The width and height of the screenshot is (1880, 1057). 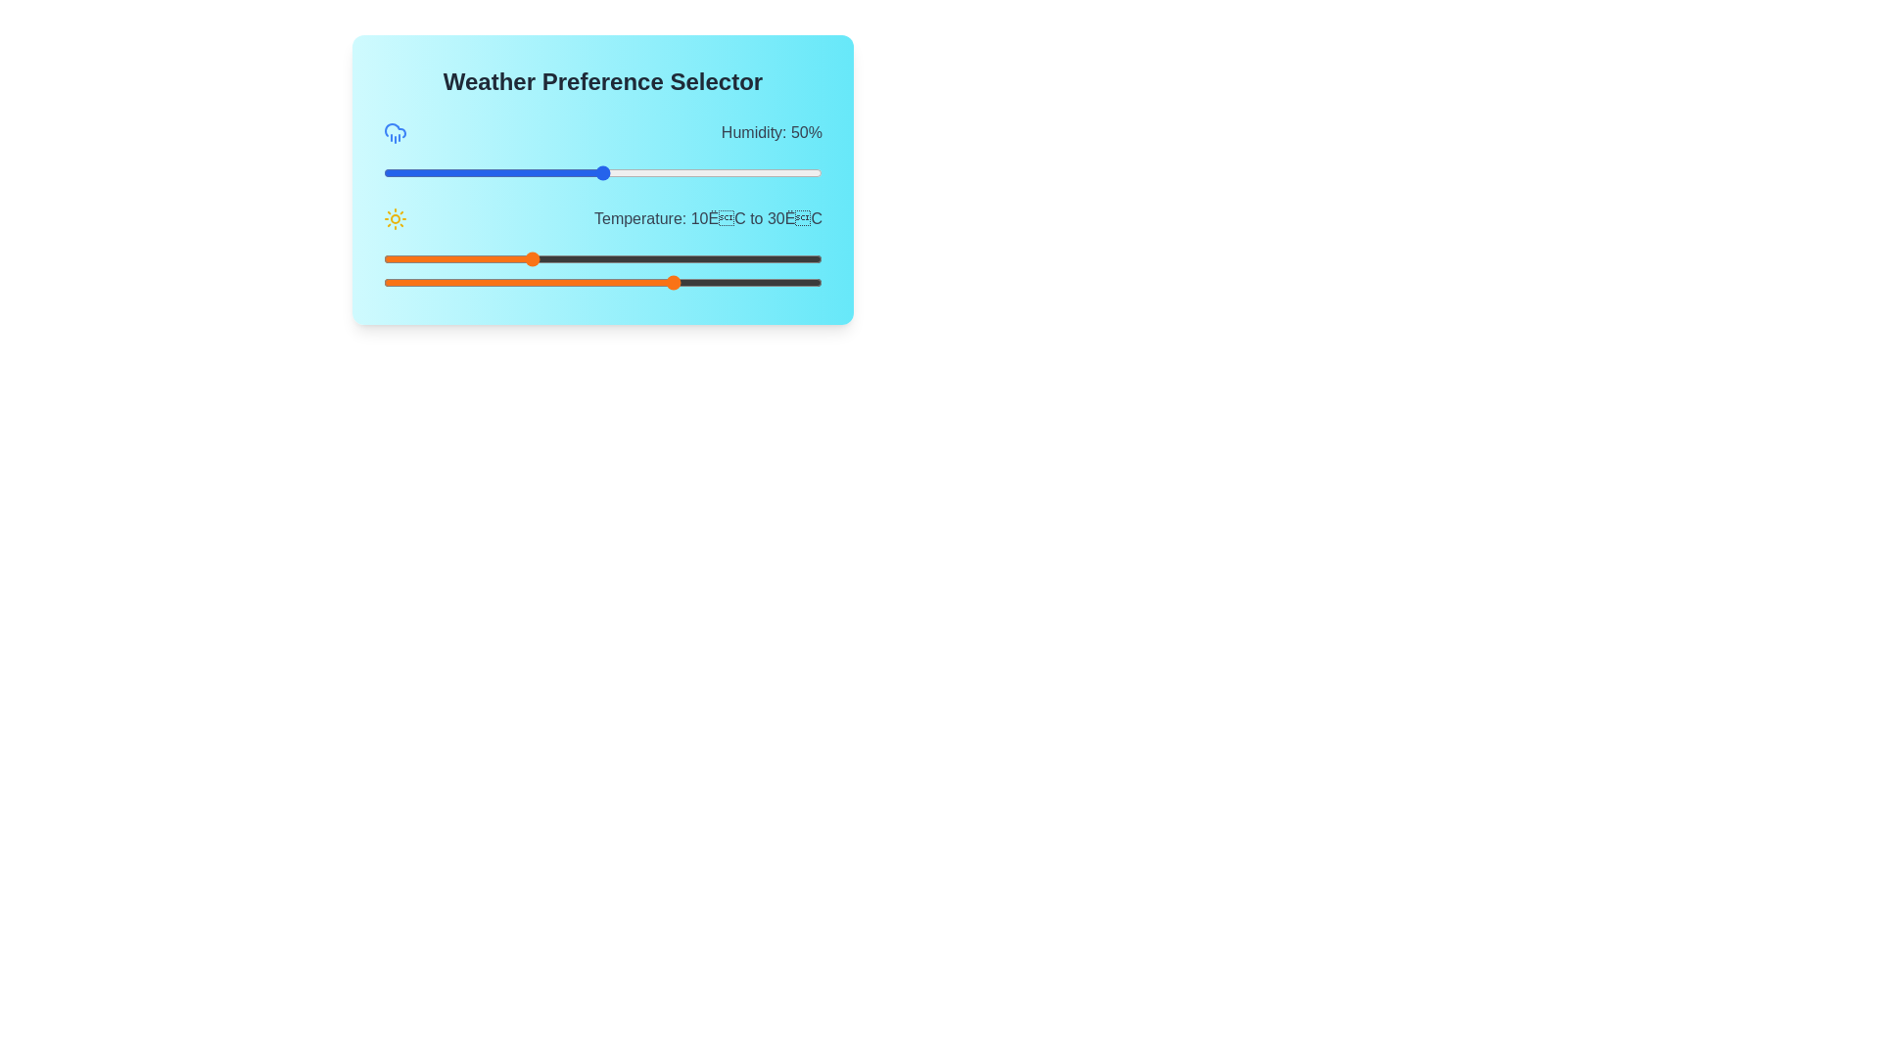 What do you see at coordinates (486, 258) in the screenshot?
I see `the minimum temperature preference to 4°C using the first orange slider` at bounding box center [486, 258].